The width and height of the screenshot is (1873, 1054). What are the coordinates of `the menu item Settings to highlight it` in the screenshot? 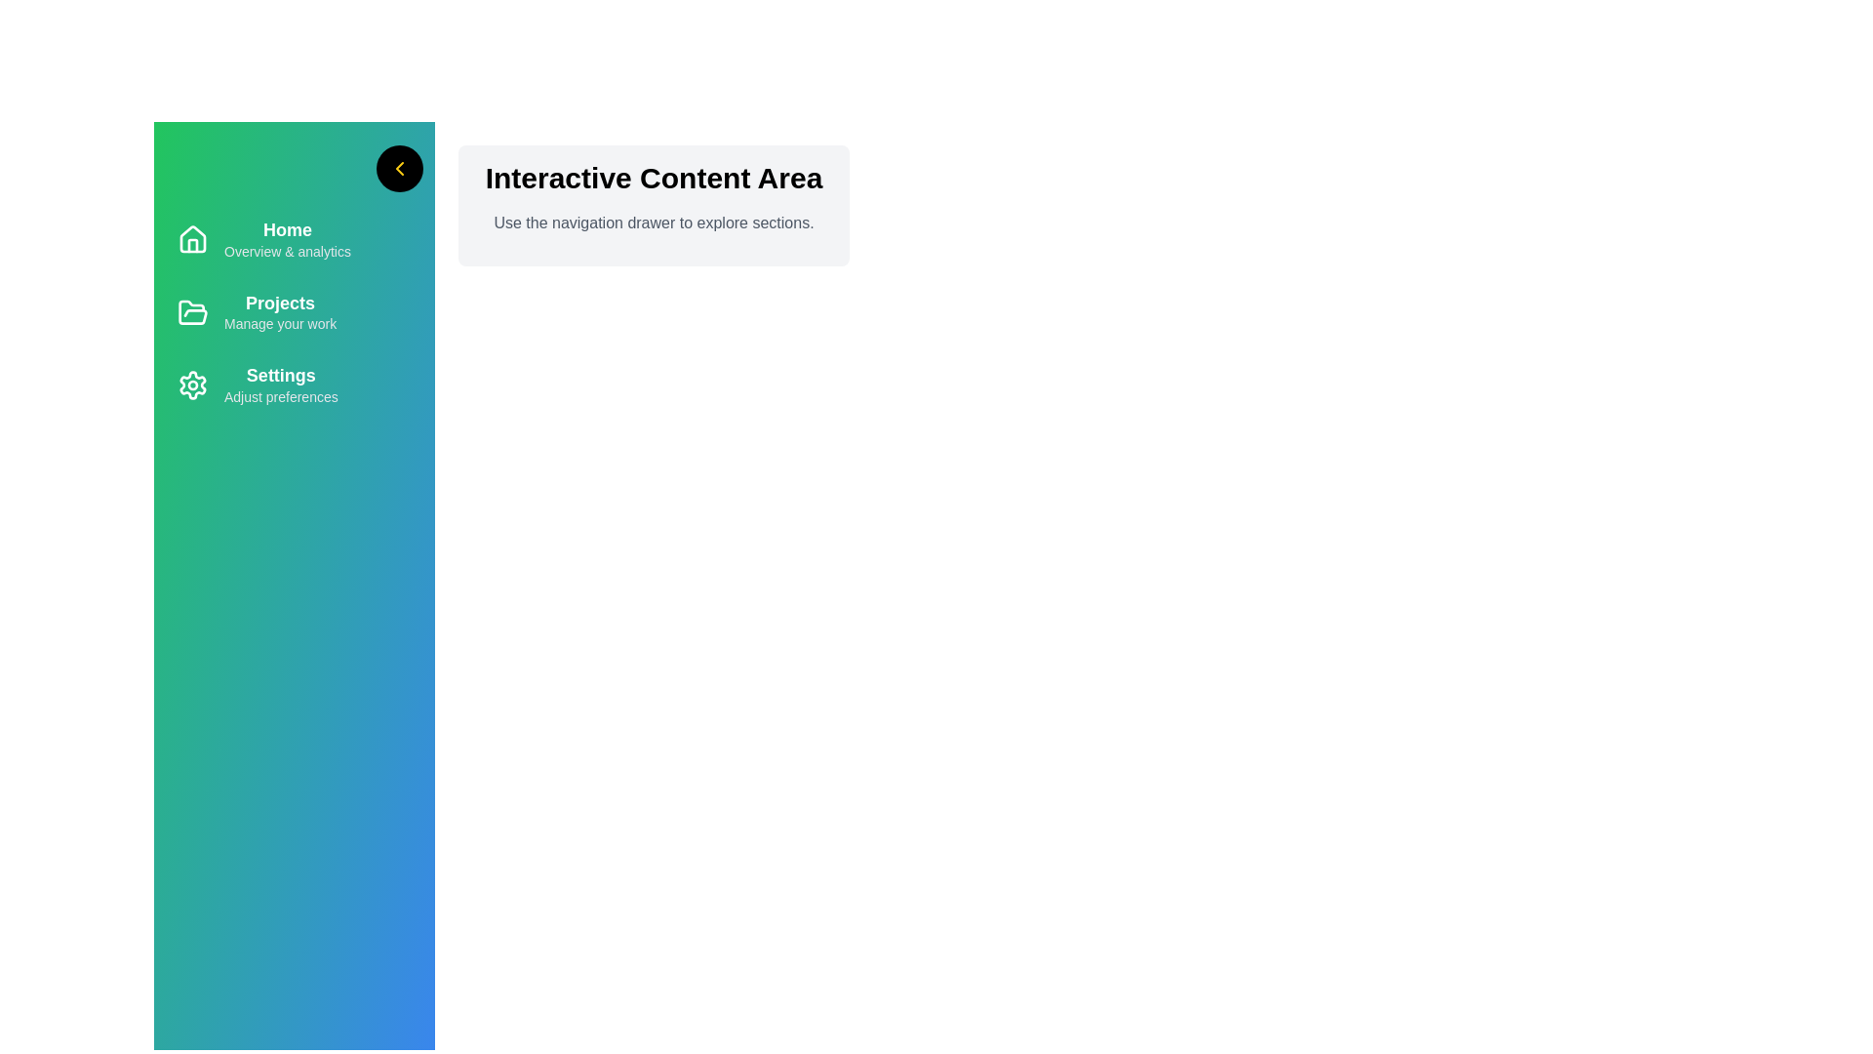 It's located at (294, 385).